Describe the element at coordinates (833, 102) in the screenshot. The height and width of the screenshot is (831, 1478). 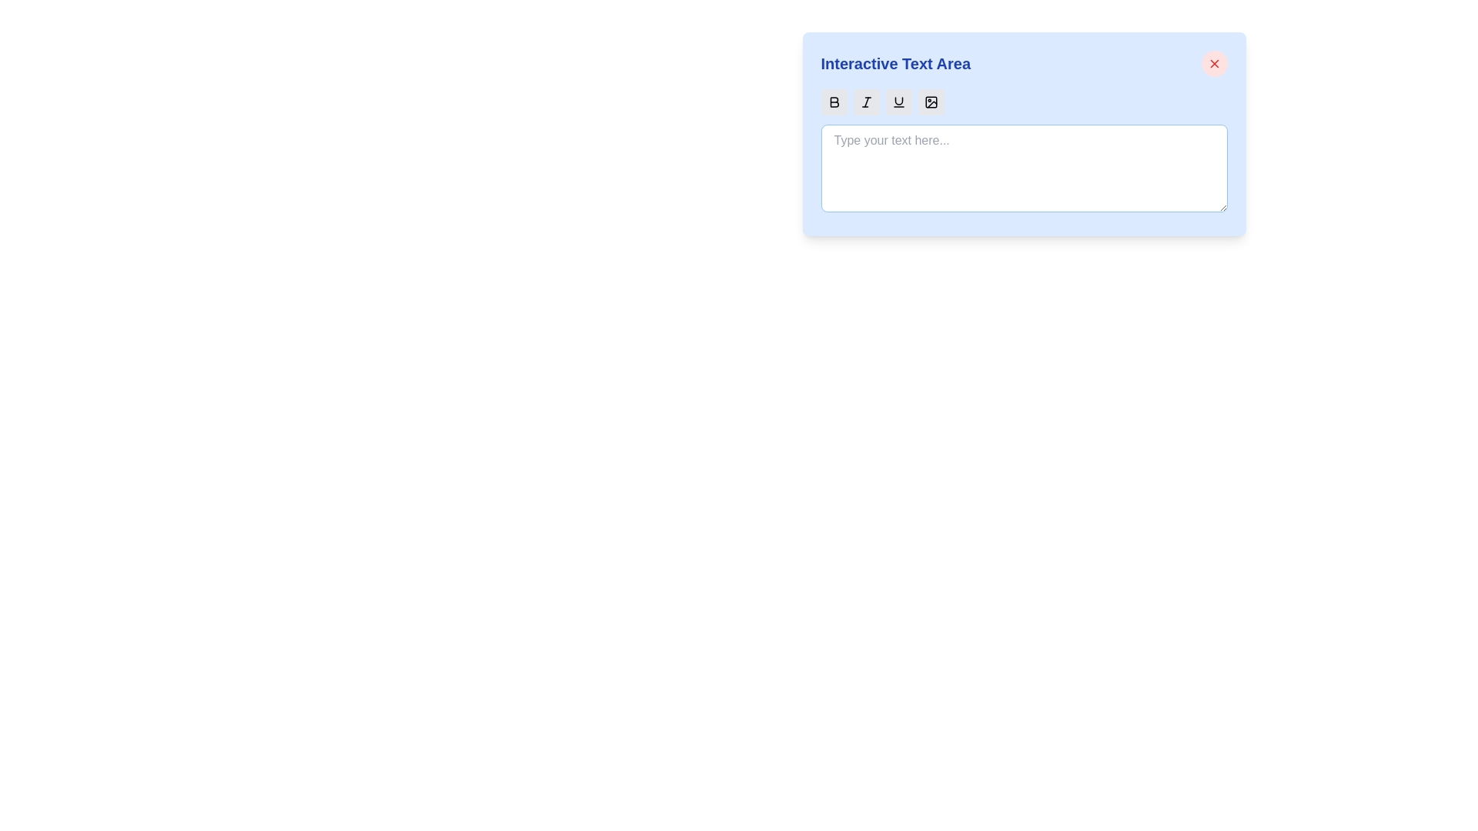
I see `the bold formatting button, which is a rounded square with a light gray background and a bold letter 'B' in black` at that location.